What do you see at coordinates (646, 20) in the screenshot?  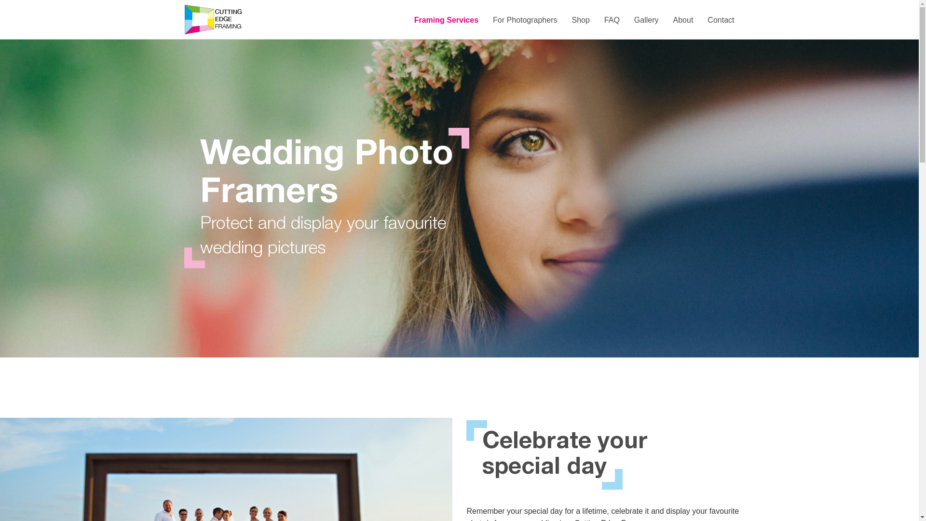 I see `'Gallery'` at bounding box center [646, 20].